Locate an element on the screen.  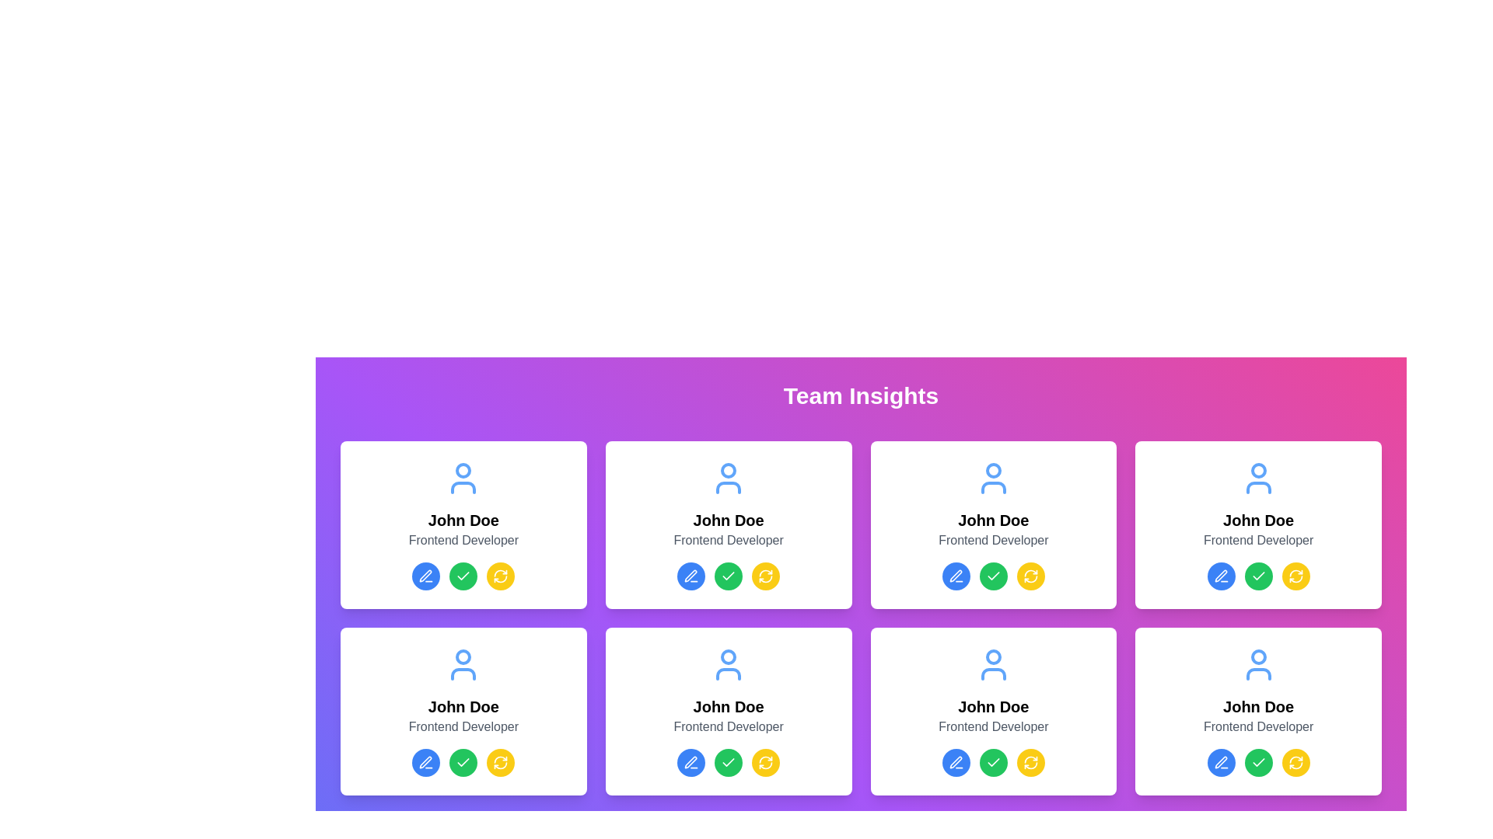
the circular graphic element representing the head of the person icon in the second card of the first row in the grid layout is located at coordinates (728, 469).